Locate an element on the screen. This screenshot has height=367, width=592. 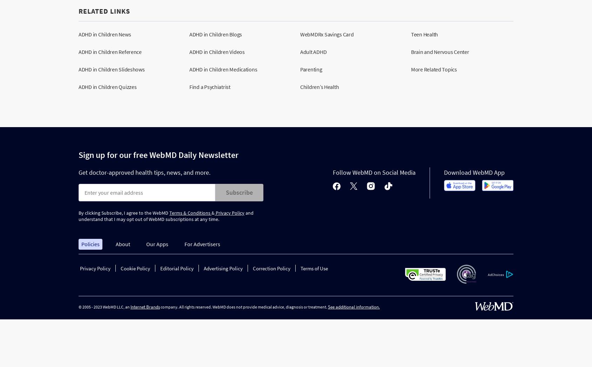
'Terms & Conditions' is located at coordinates (169, 213).